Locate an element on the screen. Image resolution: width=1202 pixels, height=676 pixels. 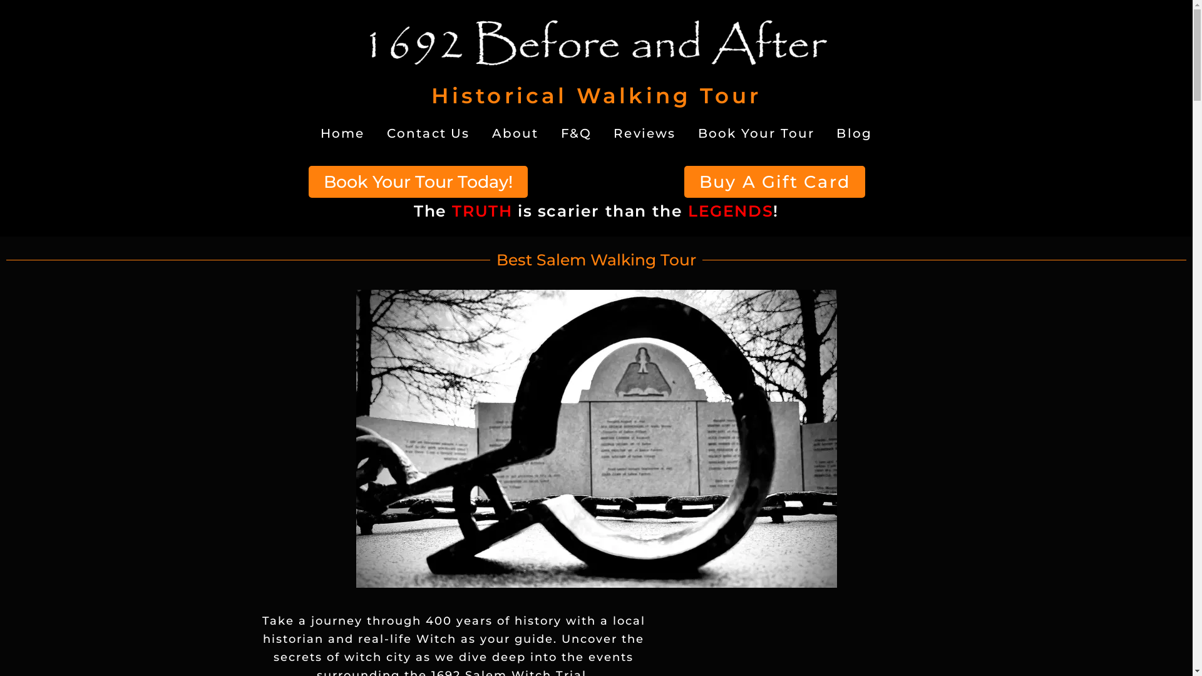
'F&Q' is located at coordinates (552, 133).